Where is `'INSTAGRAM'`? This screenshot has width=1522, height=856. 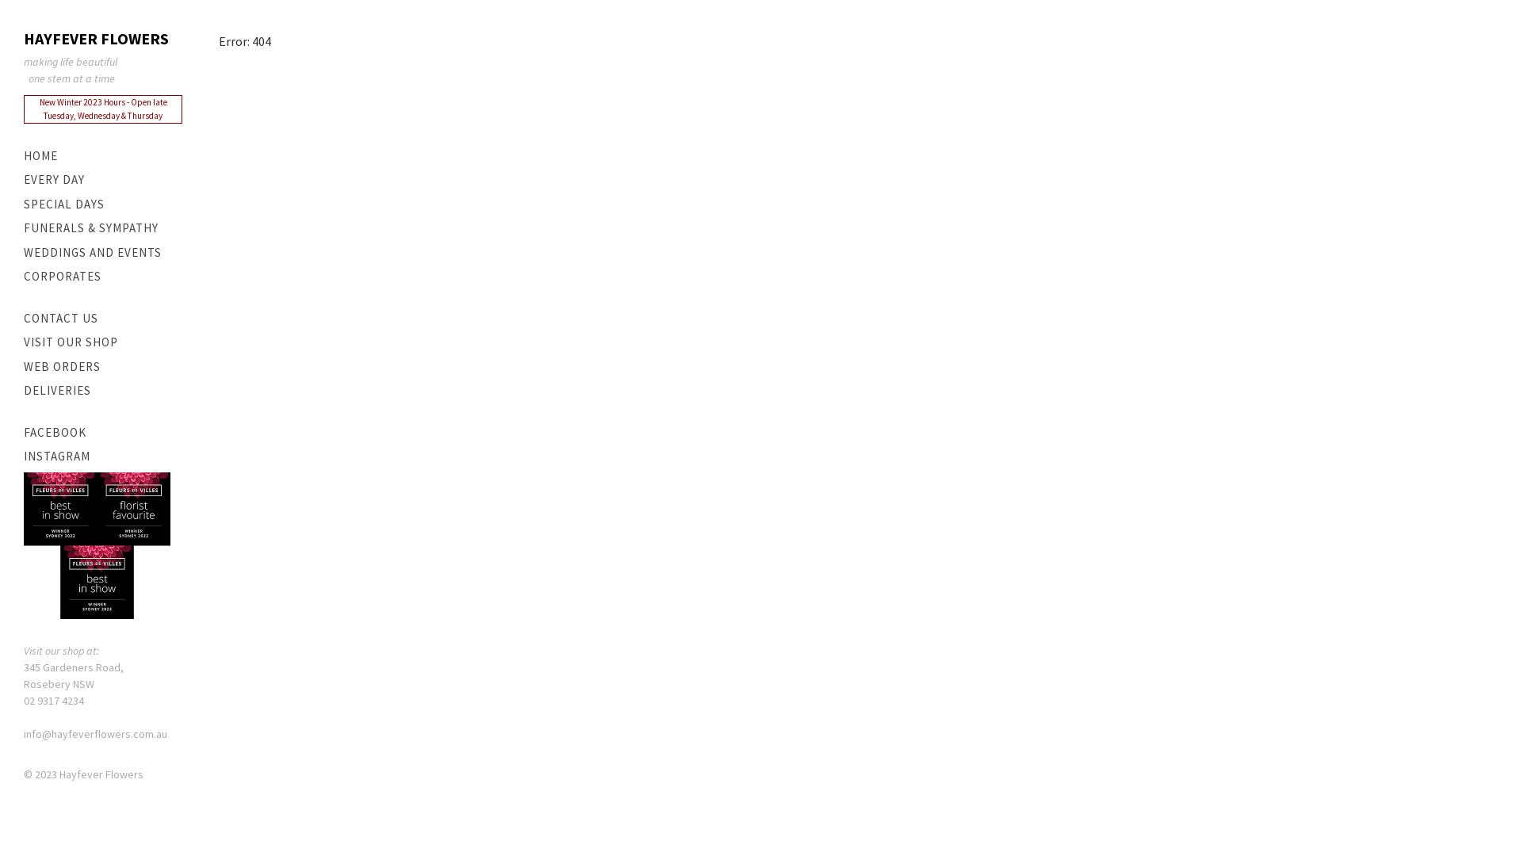 'INSTAGRAM' is located at coordinates (101, 457).